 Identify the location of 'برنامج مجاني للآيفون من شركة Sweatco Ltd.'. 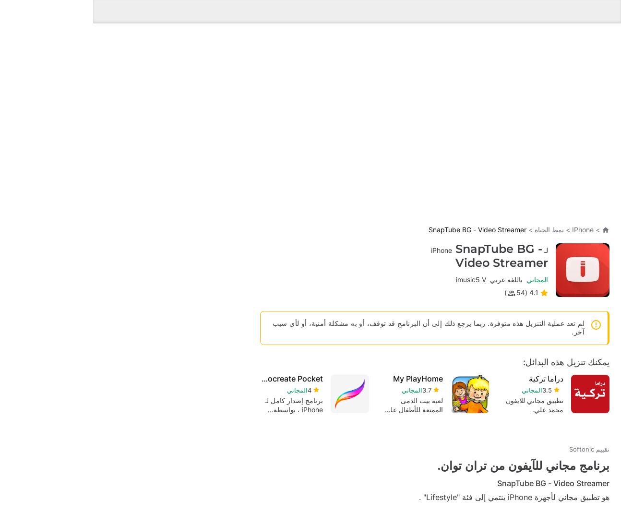
(440, 429).